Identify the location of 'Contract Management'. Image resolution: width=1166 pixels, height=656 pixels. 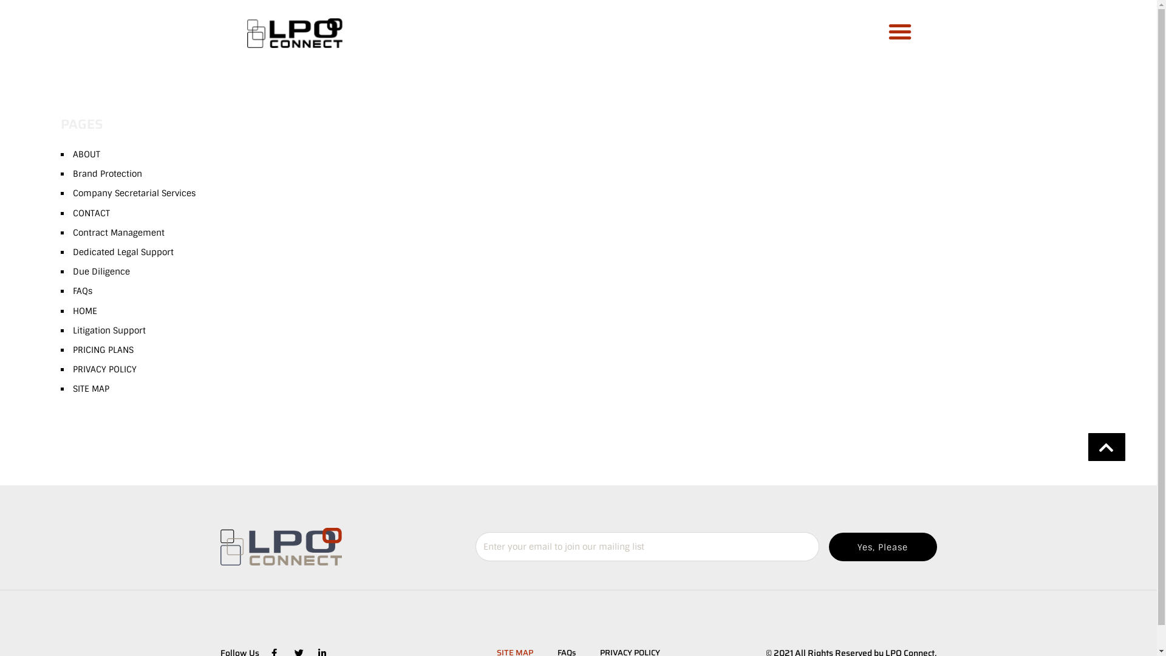
(118, 232).